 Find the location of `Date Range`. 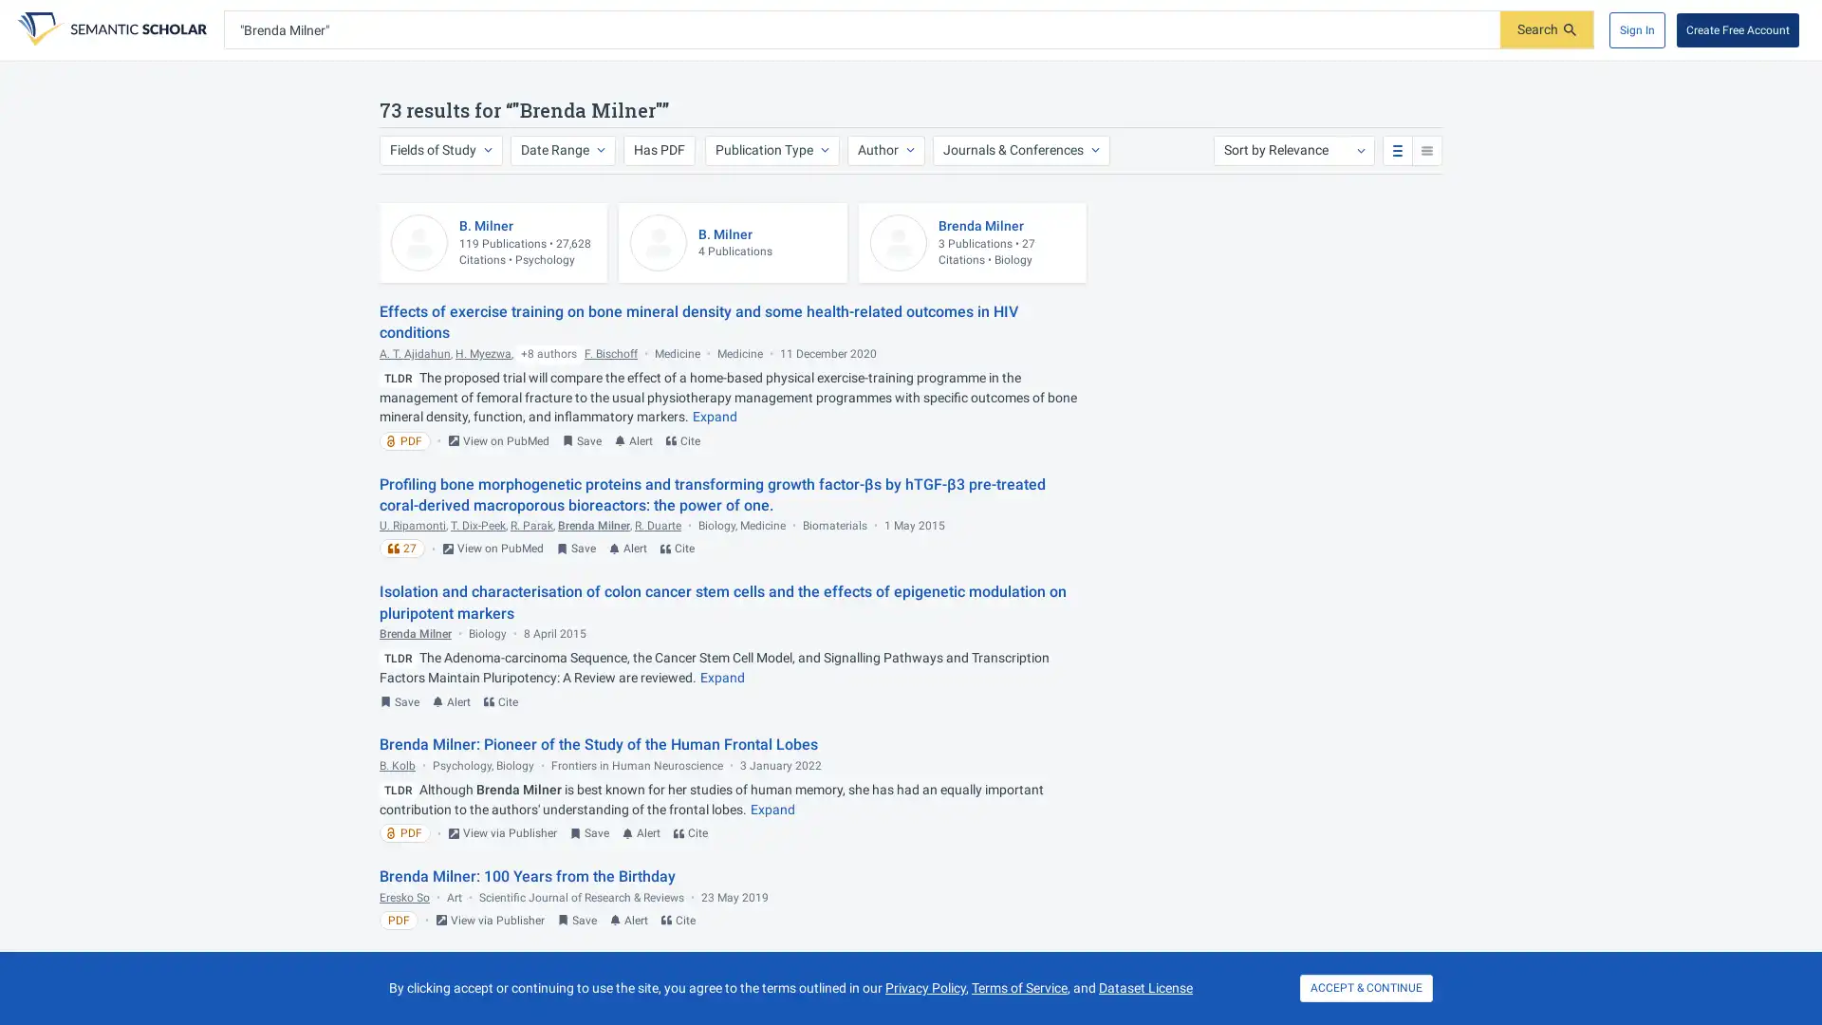

Date Range is located at coordinates (561, 149).